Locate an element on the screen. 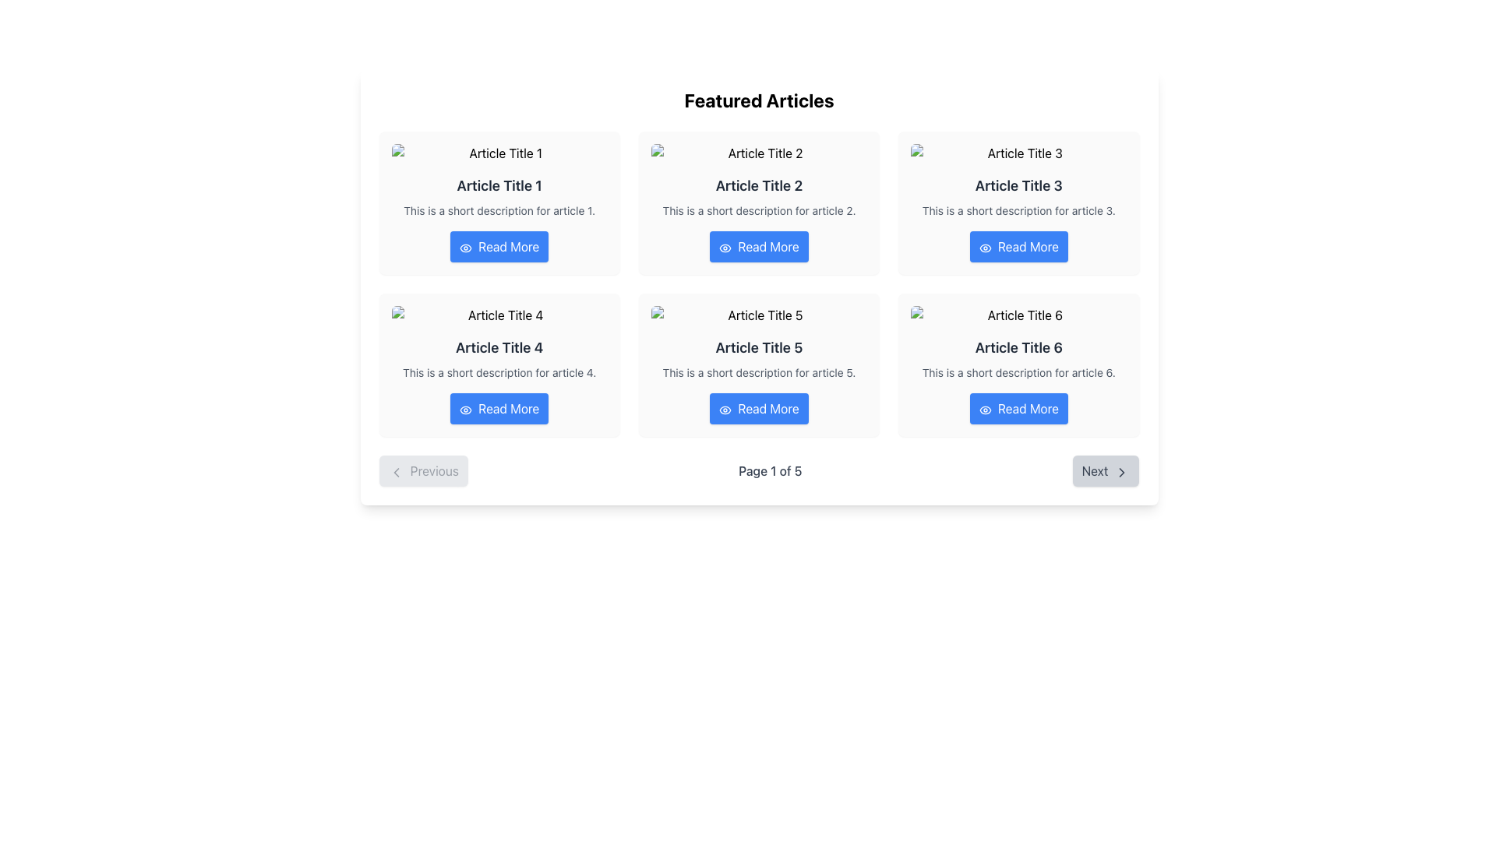 This screenshot has height=841, width=1496. the 'Previous' button, which is styled with a light gray background and contains the text 'Previous' with a left-pointing chevron icon, located at the bottom center of the interface is located at coordinates (423, 470).